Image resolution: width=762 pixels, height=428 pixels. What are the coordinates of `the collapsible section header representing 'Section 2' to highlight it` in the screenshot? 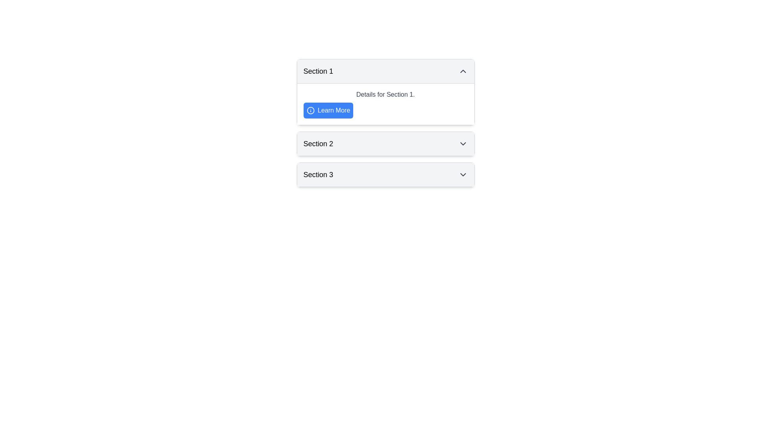 It's located at (385, 143).